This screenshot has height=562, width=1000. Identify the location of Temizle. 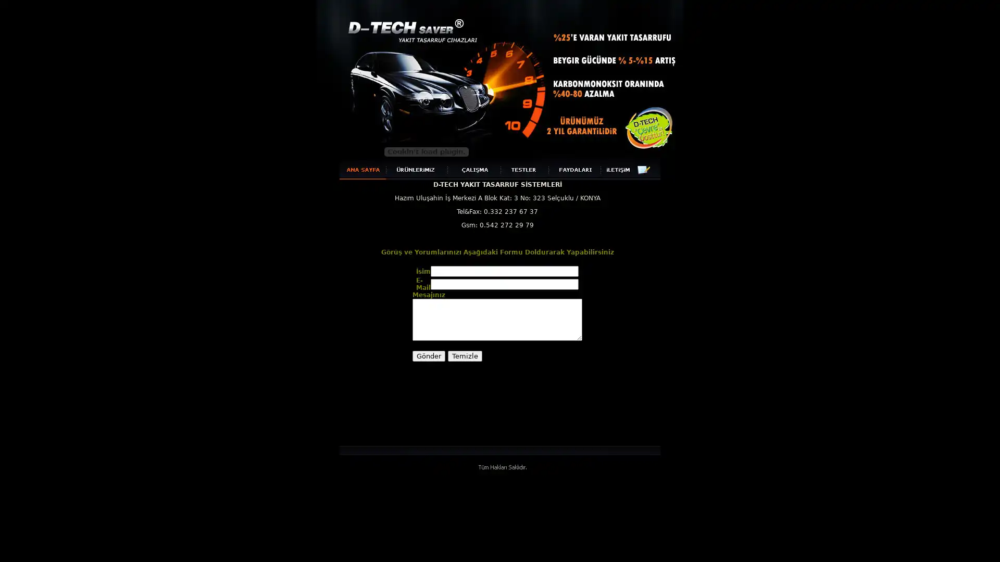
(464, 355).